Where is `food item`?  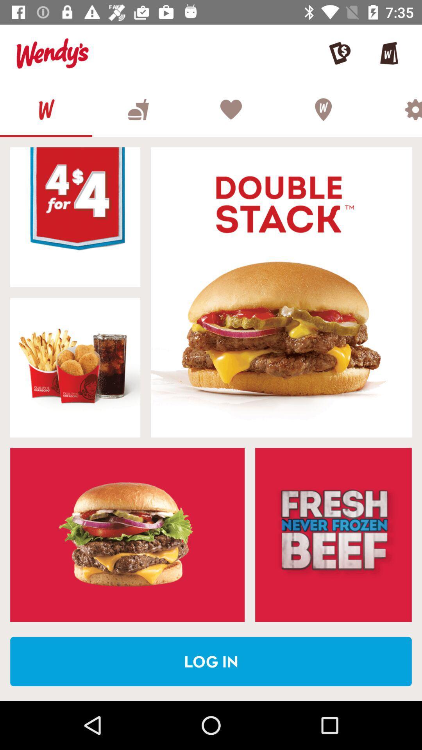 food item is located at coordinates (75, 217).